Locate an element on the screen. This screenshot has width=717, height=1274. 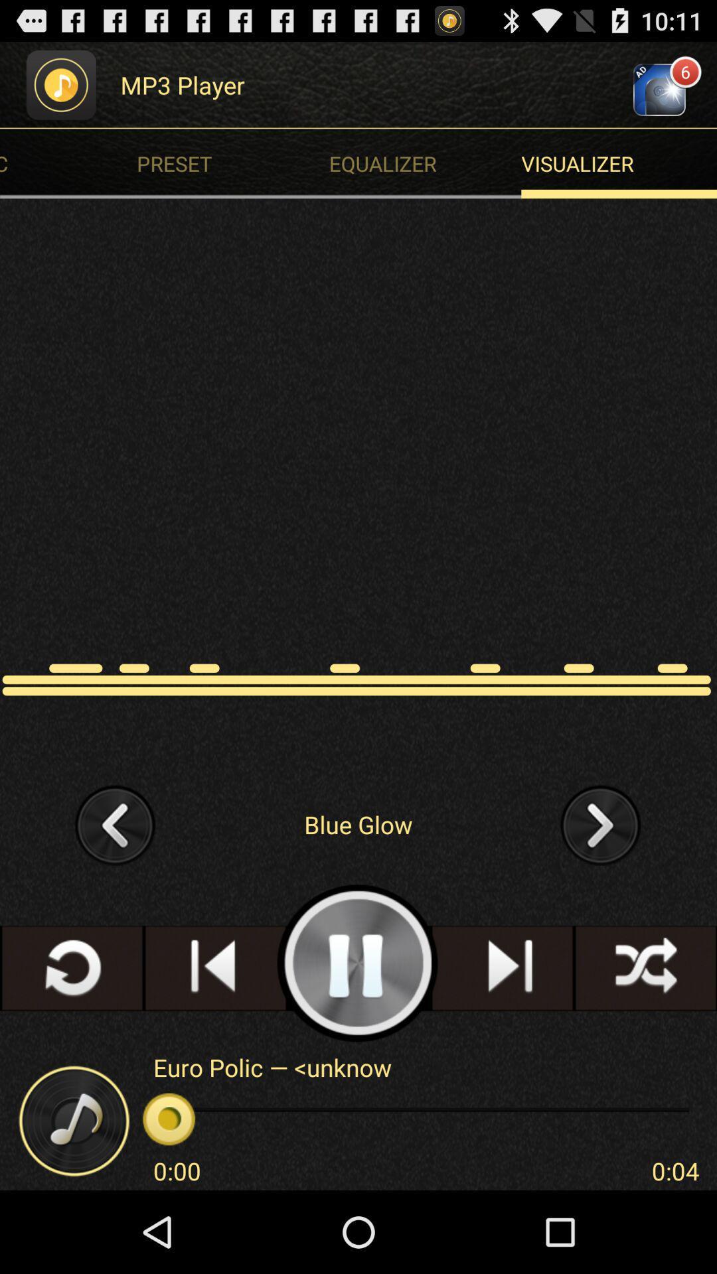
the preset radio button is located at coordinates (236, 163).